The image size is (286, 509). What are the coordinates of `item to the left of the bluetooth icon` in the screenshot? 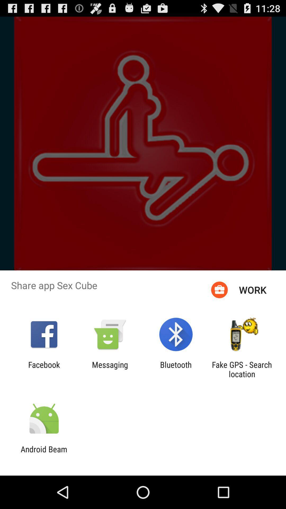 It's located at (110, 369).